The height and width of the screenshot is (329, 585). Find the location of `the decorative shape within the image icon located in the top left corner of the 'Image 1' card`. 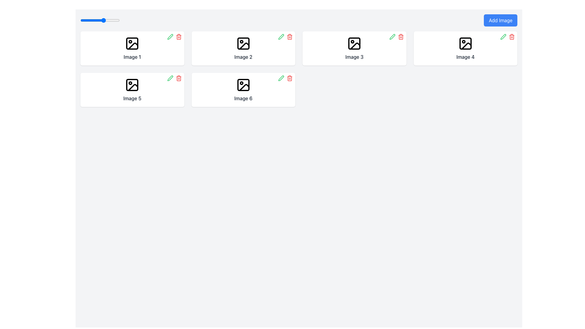

the decorative shape within the image icon located in the top left corner of the 'Image 1' card is located at coordinates (132, 43).